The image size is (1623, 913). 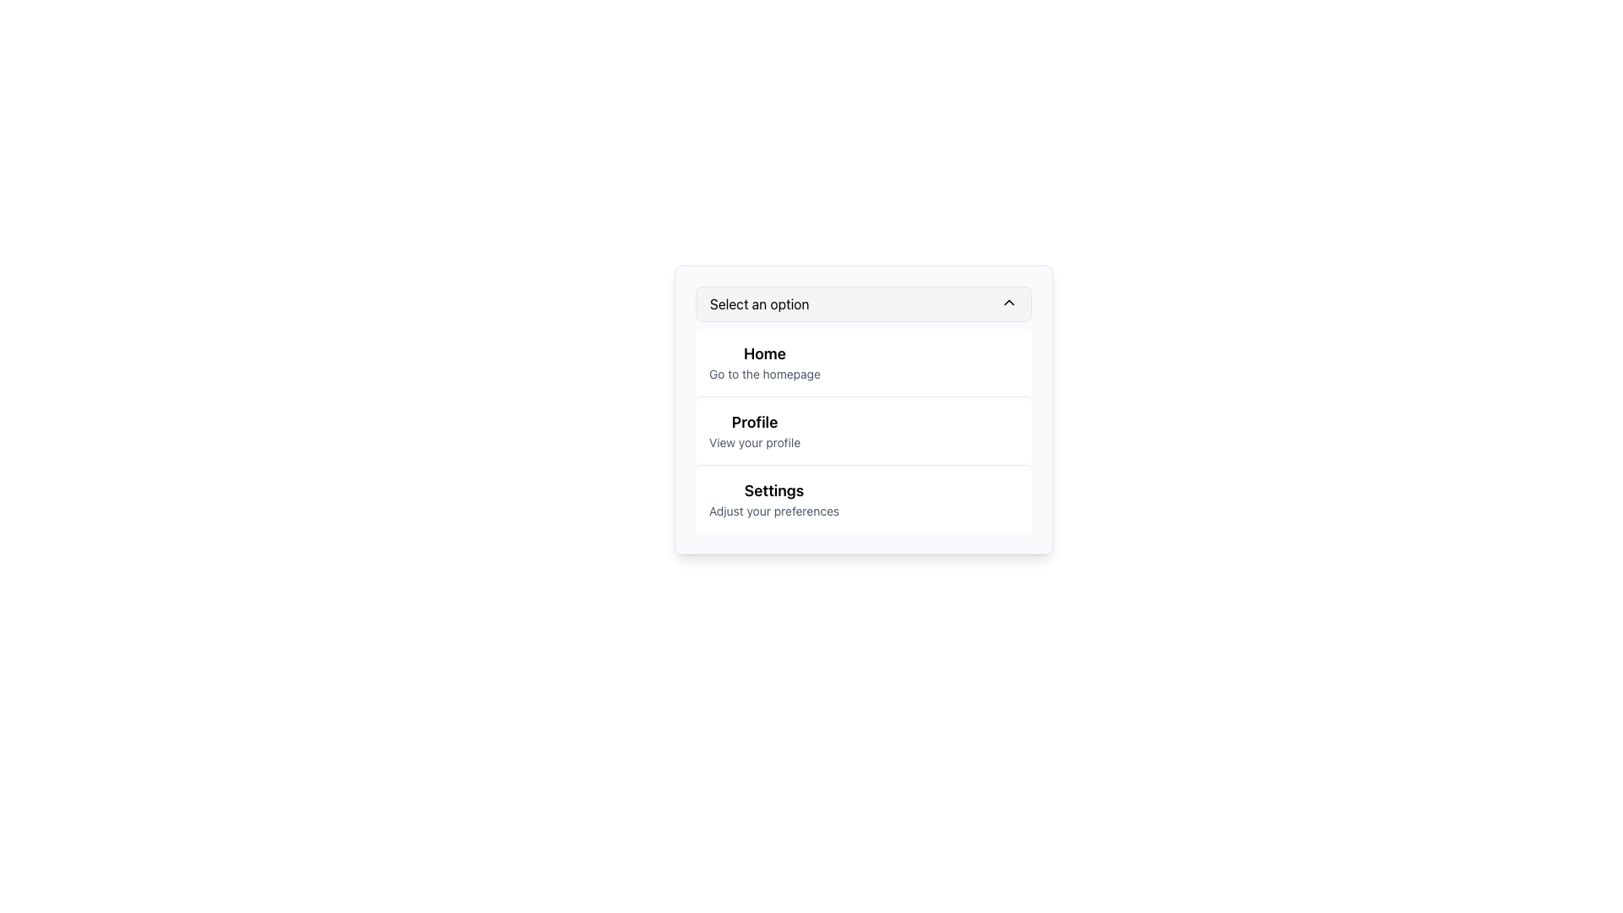 What do you see at coordinates (763, 374) in the screenshot?
I see `the text label that provides a description for the 'Home' section, positioned below the title text 'Home' in the options menu` at bounding box center [763, 374].